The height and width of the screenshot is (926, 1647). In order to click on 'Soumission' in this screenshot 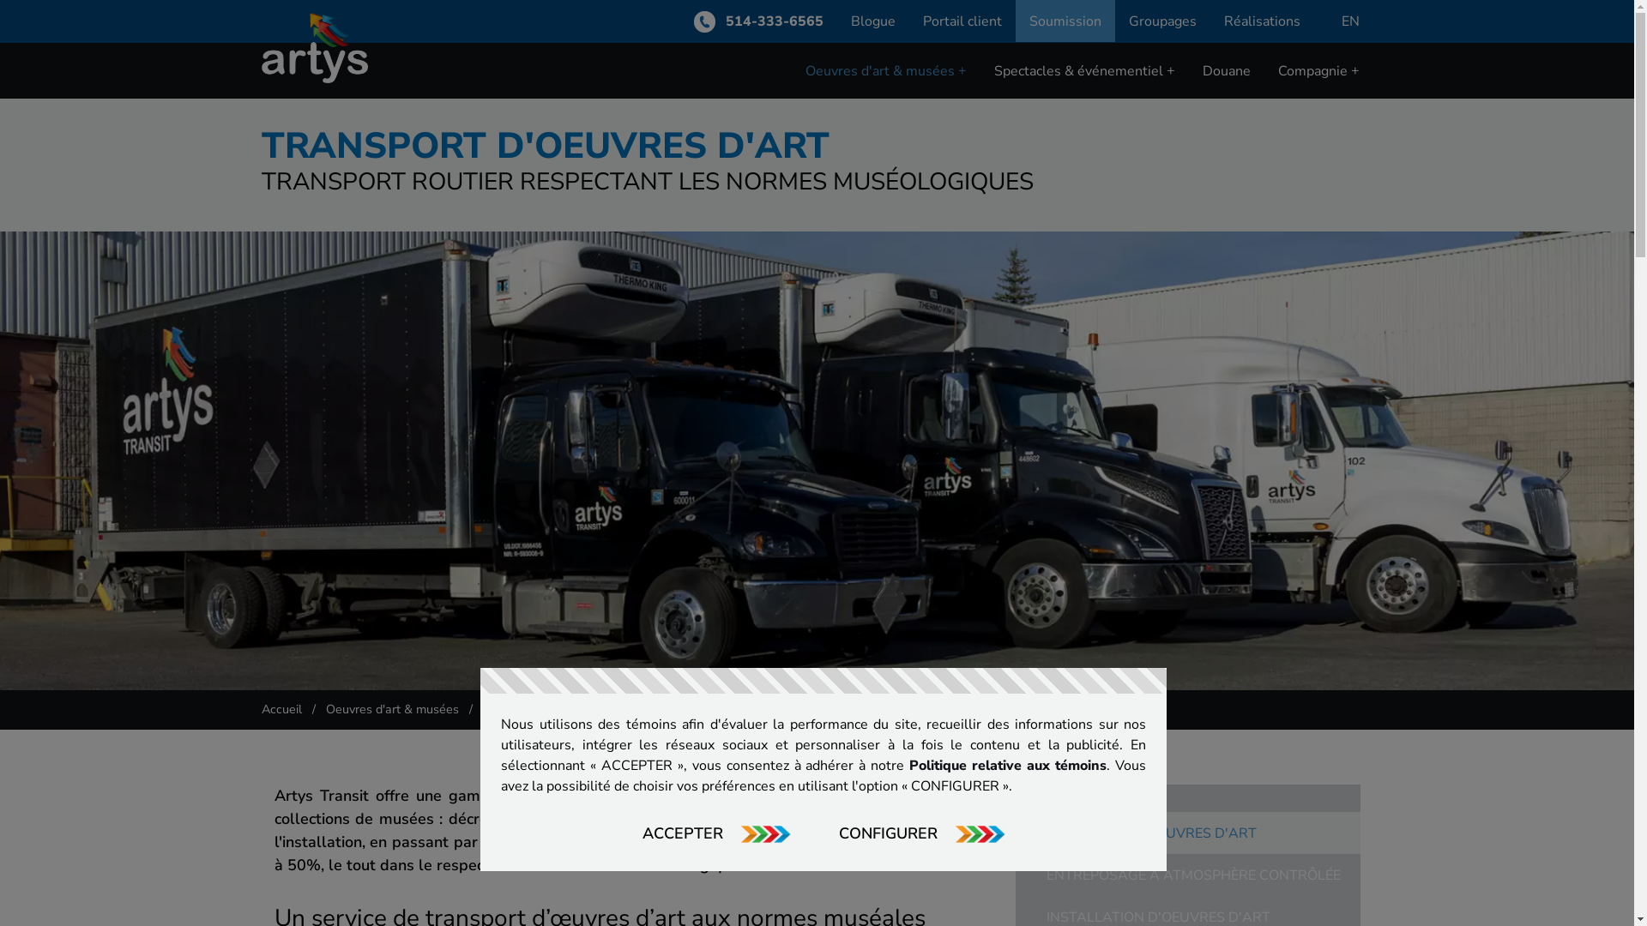, I will do `click(1065, 21)`.